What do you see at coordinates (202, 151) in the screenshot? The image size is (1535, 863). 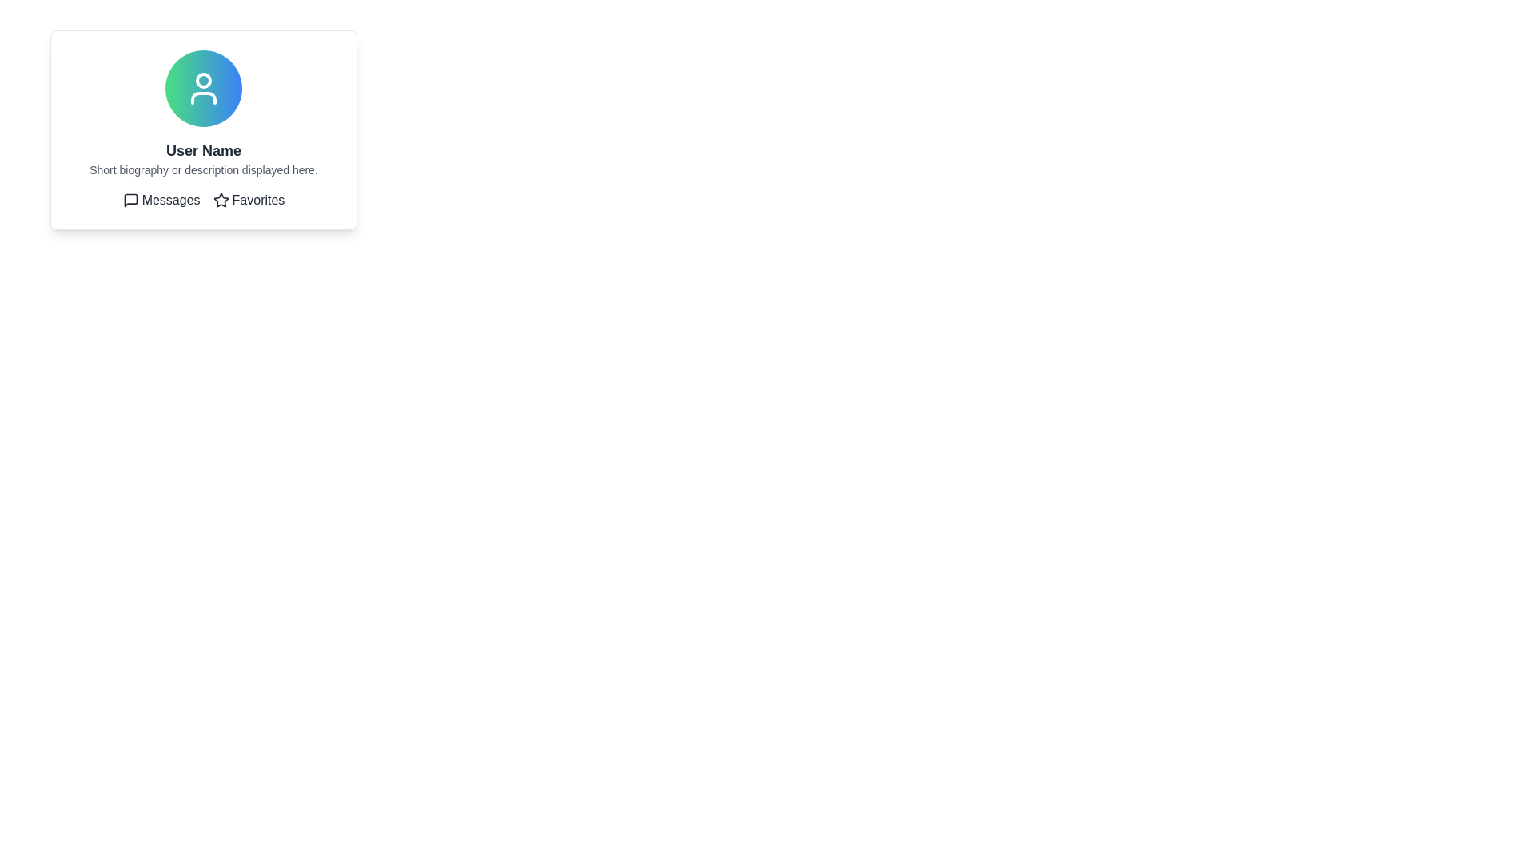 I see `the 'User Name' static text element, which is styled in bold and large font, positioned below the circular user icon on the card` at bounding box center [202, 151].